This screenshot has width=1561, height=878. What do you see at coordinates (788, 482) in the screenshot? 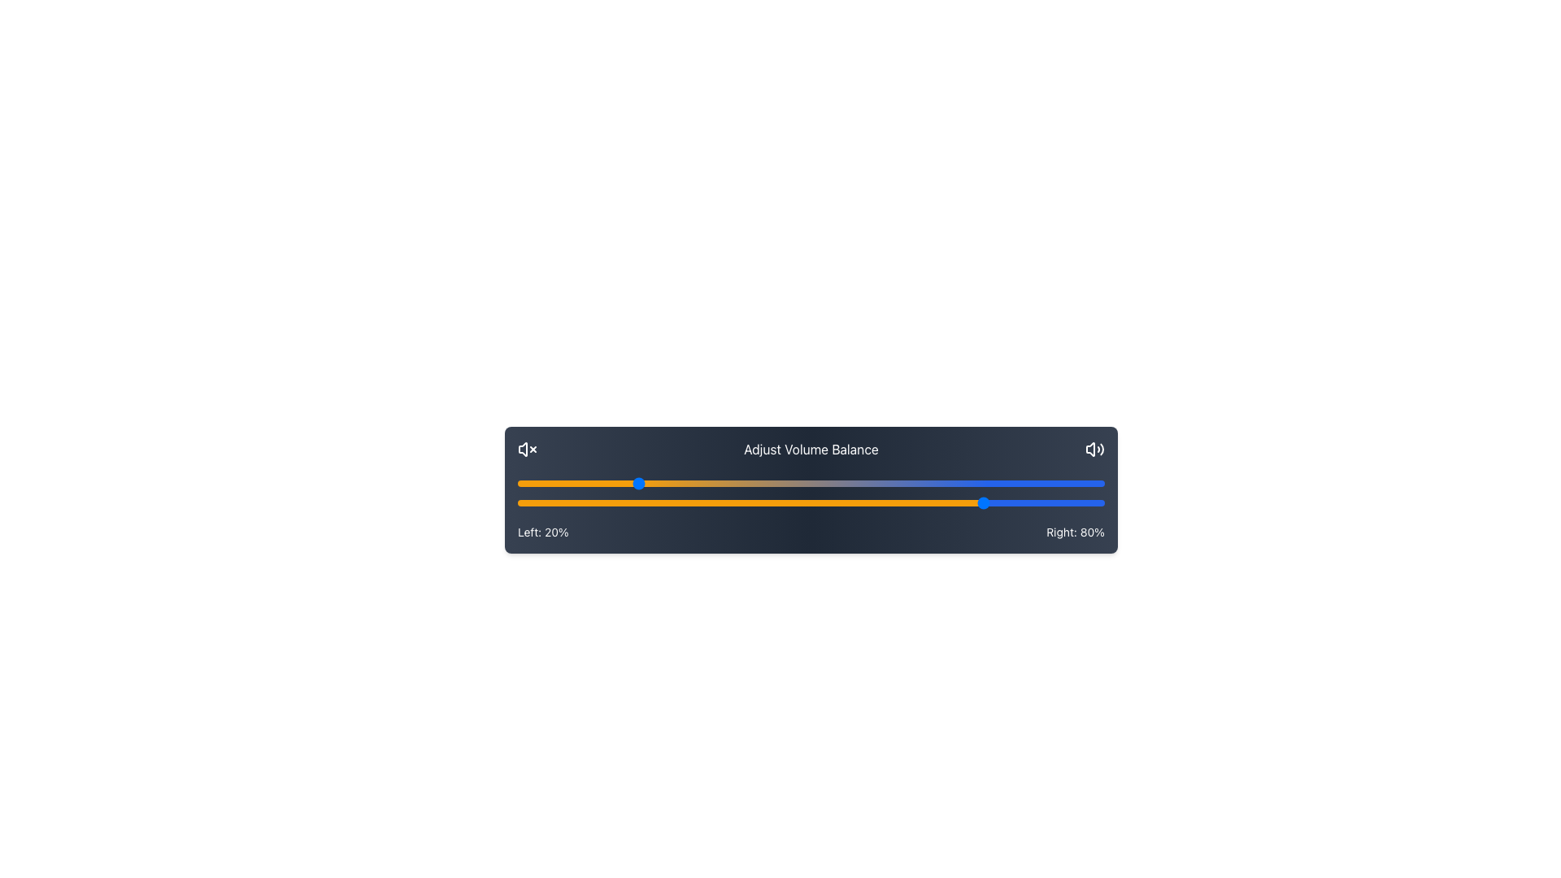
I see `the left balance` at bounding box center [788, 482].